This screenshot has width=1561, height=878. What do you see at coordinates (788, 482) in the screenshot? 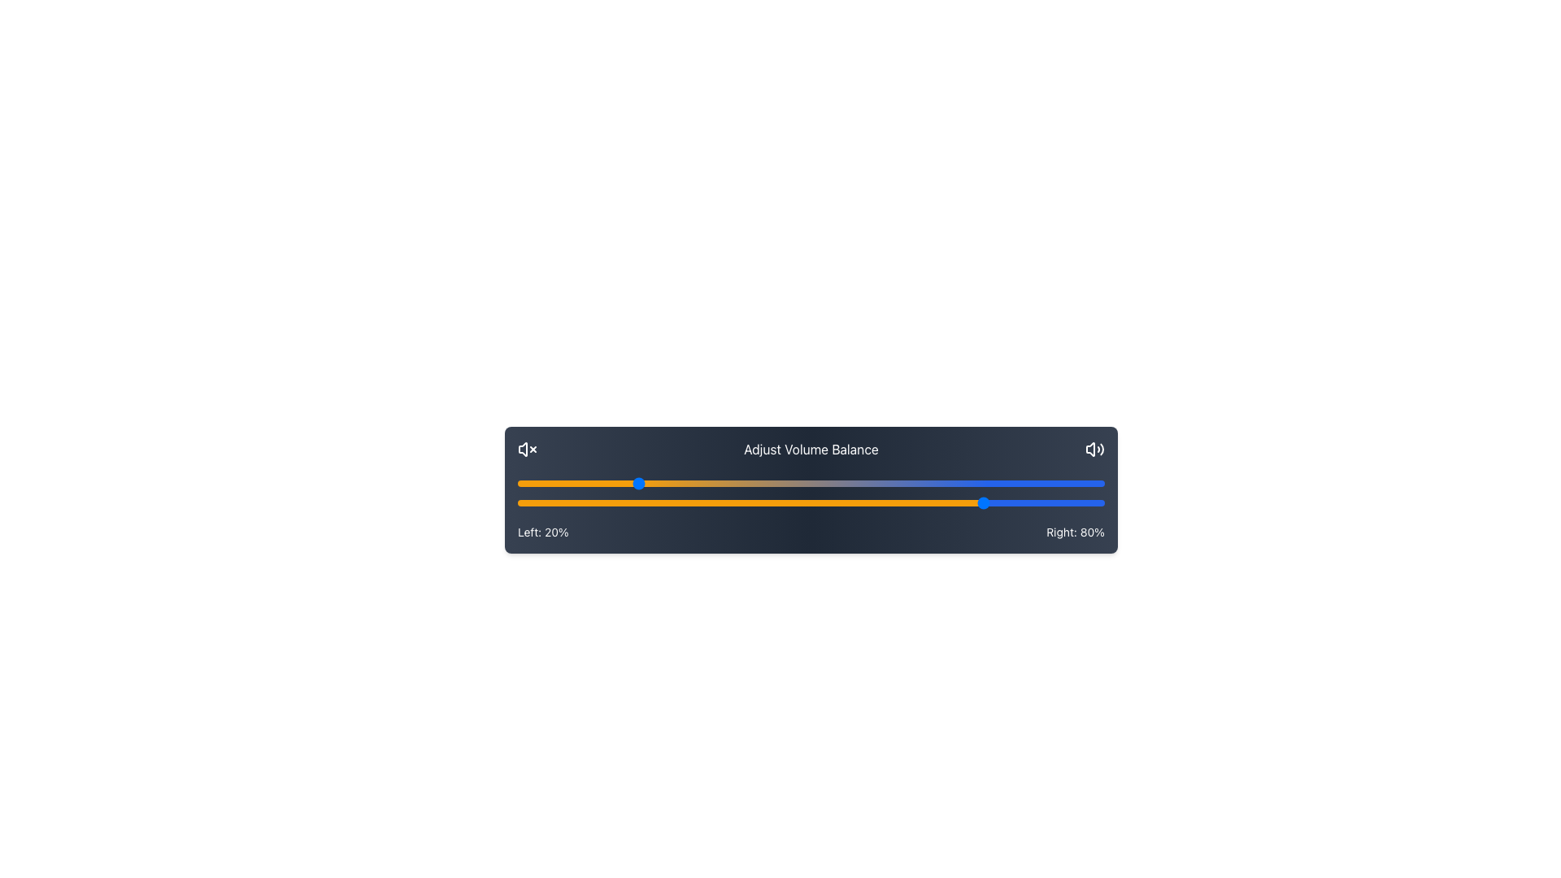
I see `the left balance` at bounding box center [788, 482].